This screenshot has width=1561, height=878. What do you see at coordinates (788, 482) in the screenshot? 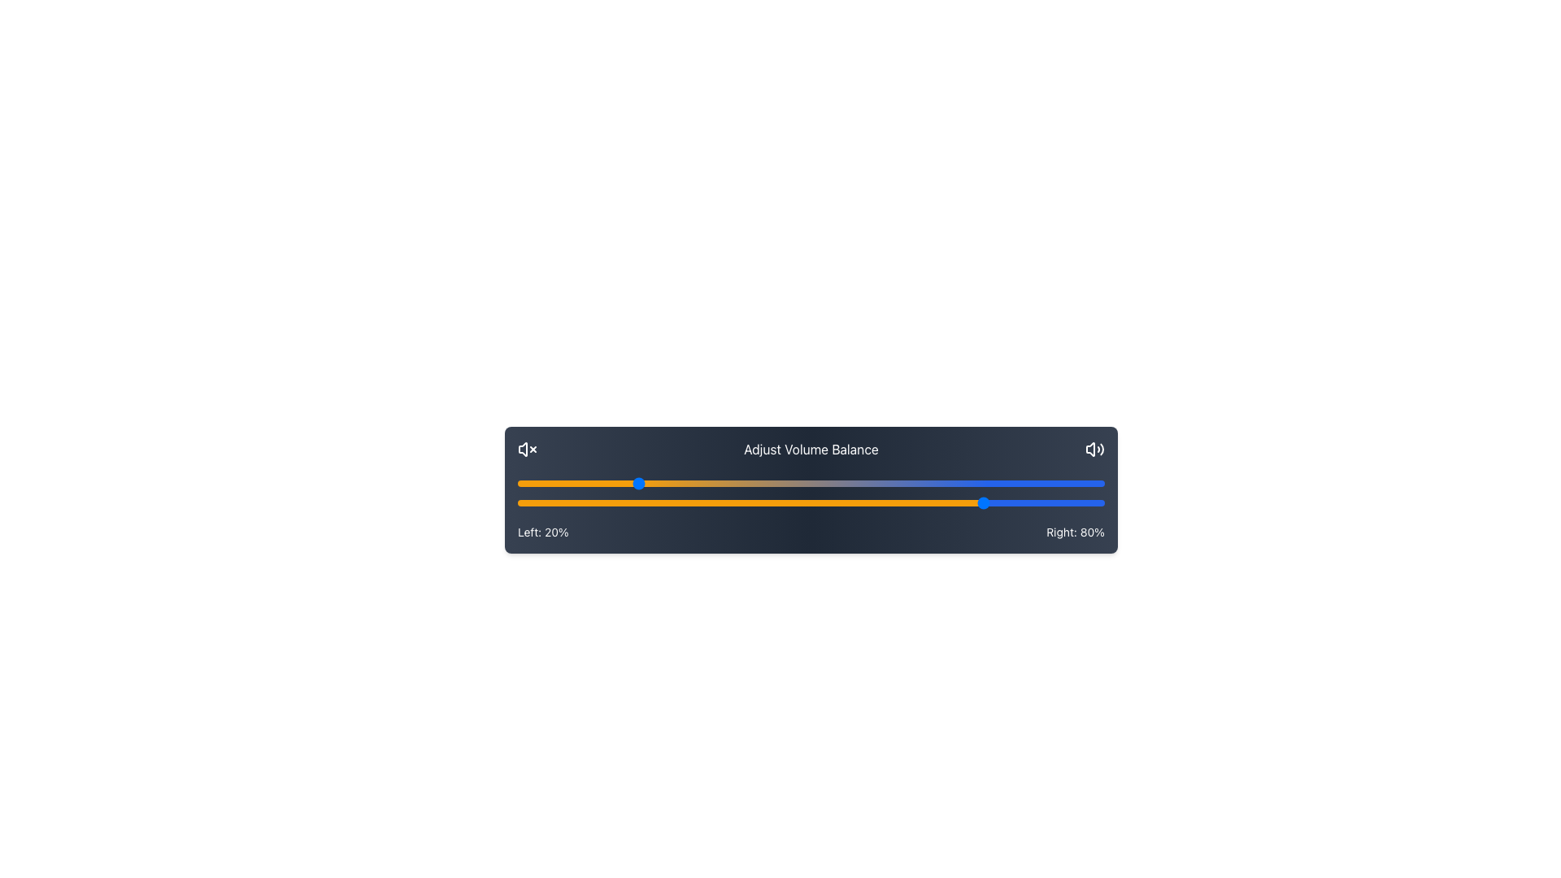
I see `the left balance` at bounding box center [788, 482].